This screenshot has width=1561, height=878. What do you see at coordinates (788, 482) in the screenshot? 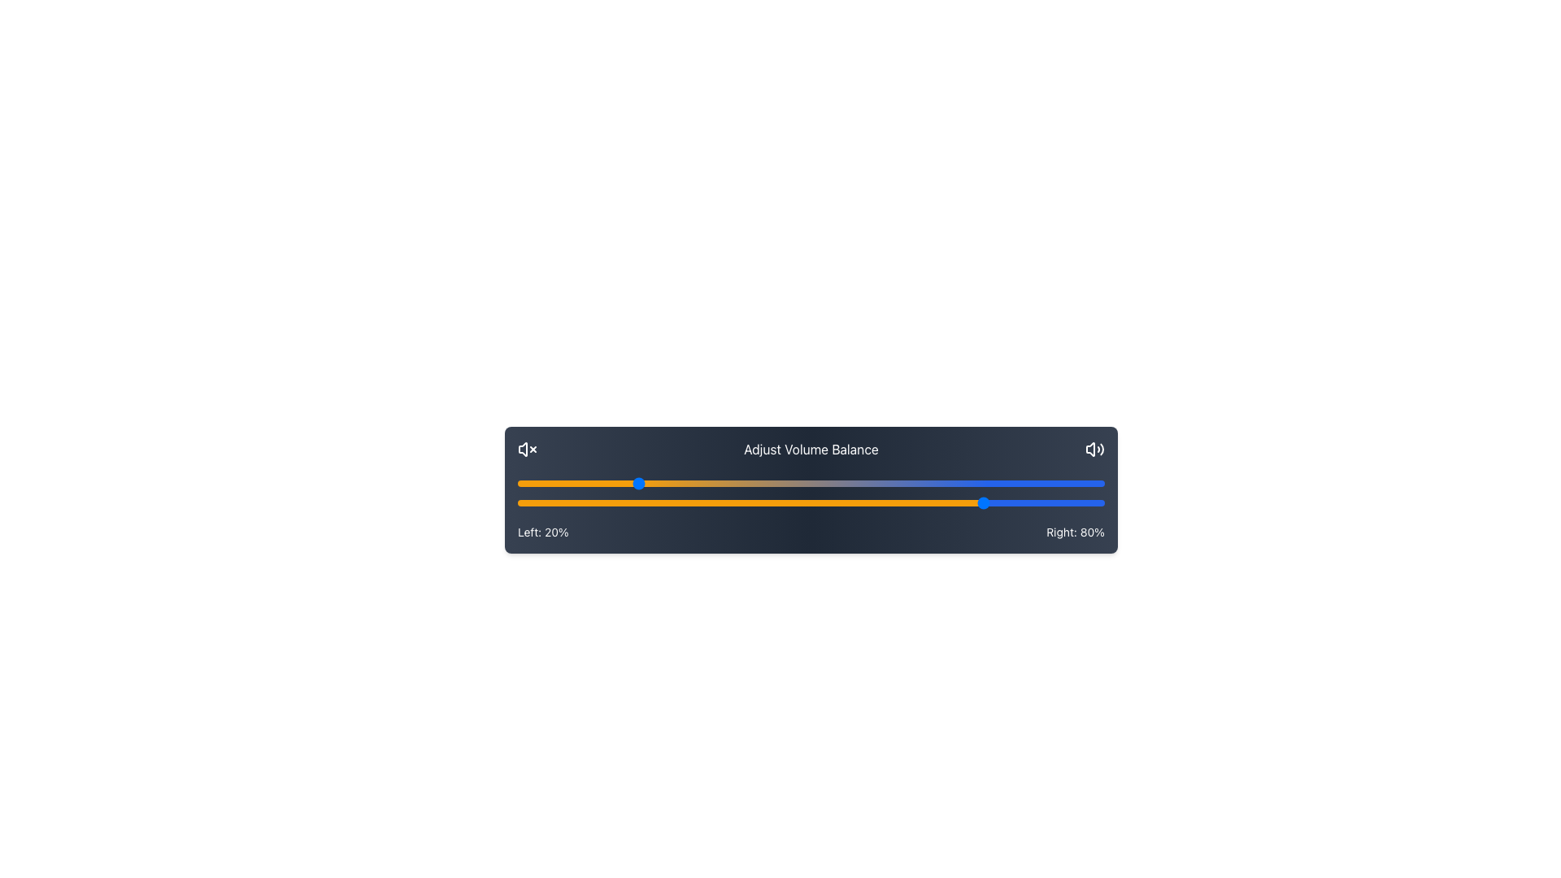
I see `the left balance` at bounding box center [788, 482].